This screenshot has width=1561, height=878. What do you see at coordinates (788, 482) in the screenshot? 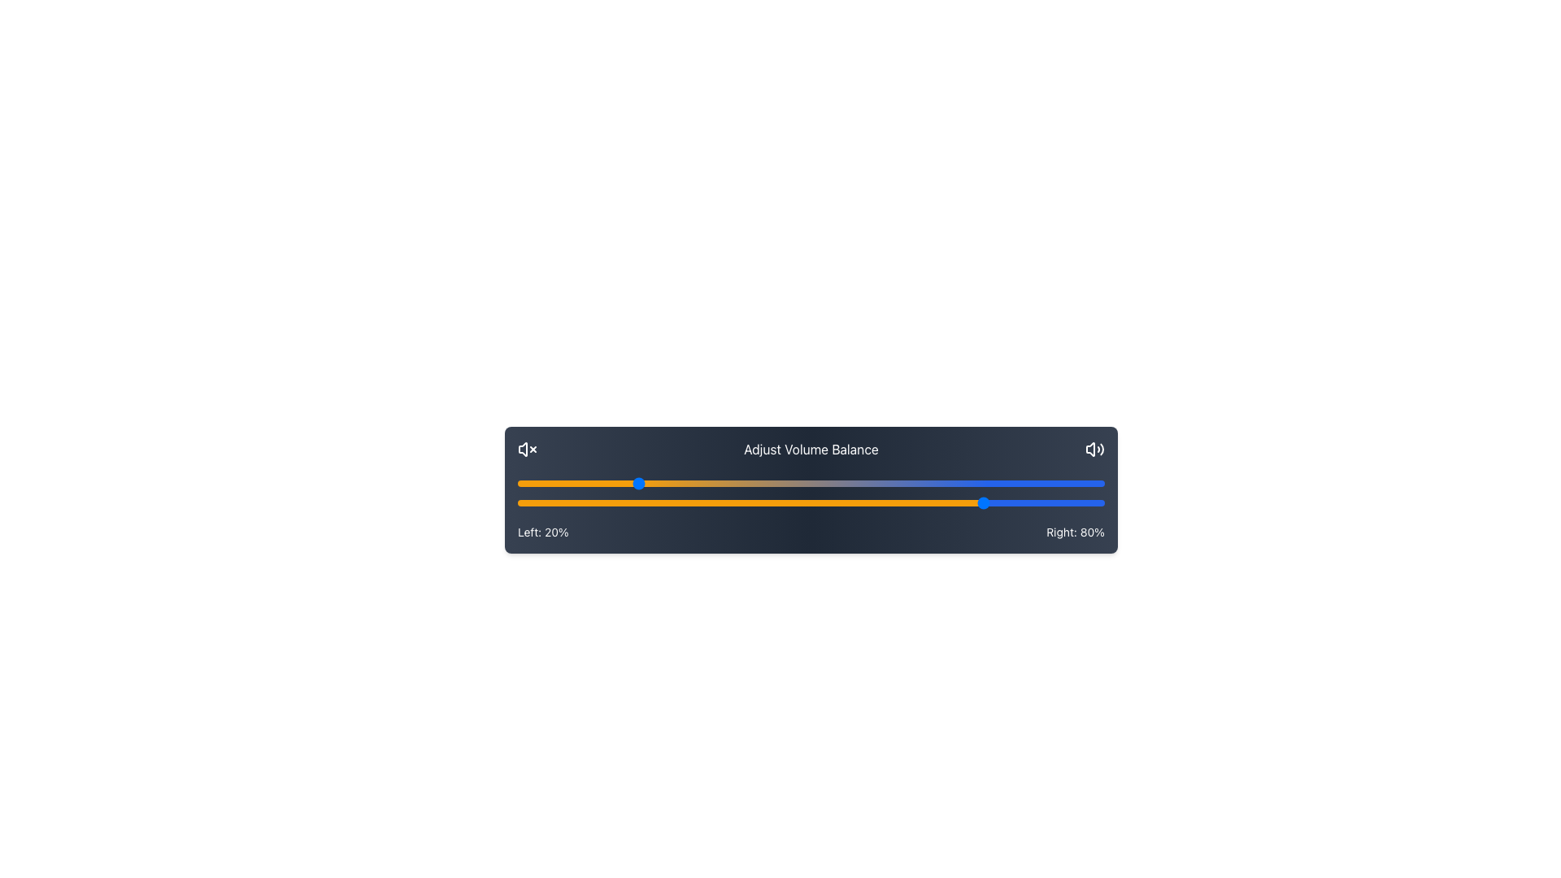
I see `the left balance` at bounding box center [788, 482].